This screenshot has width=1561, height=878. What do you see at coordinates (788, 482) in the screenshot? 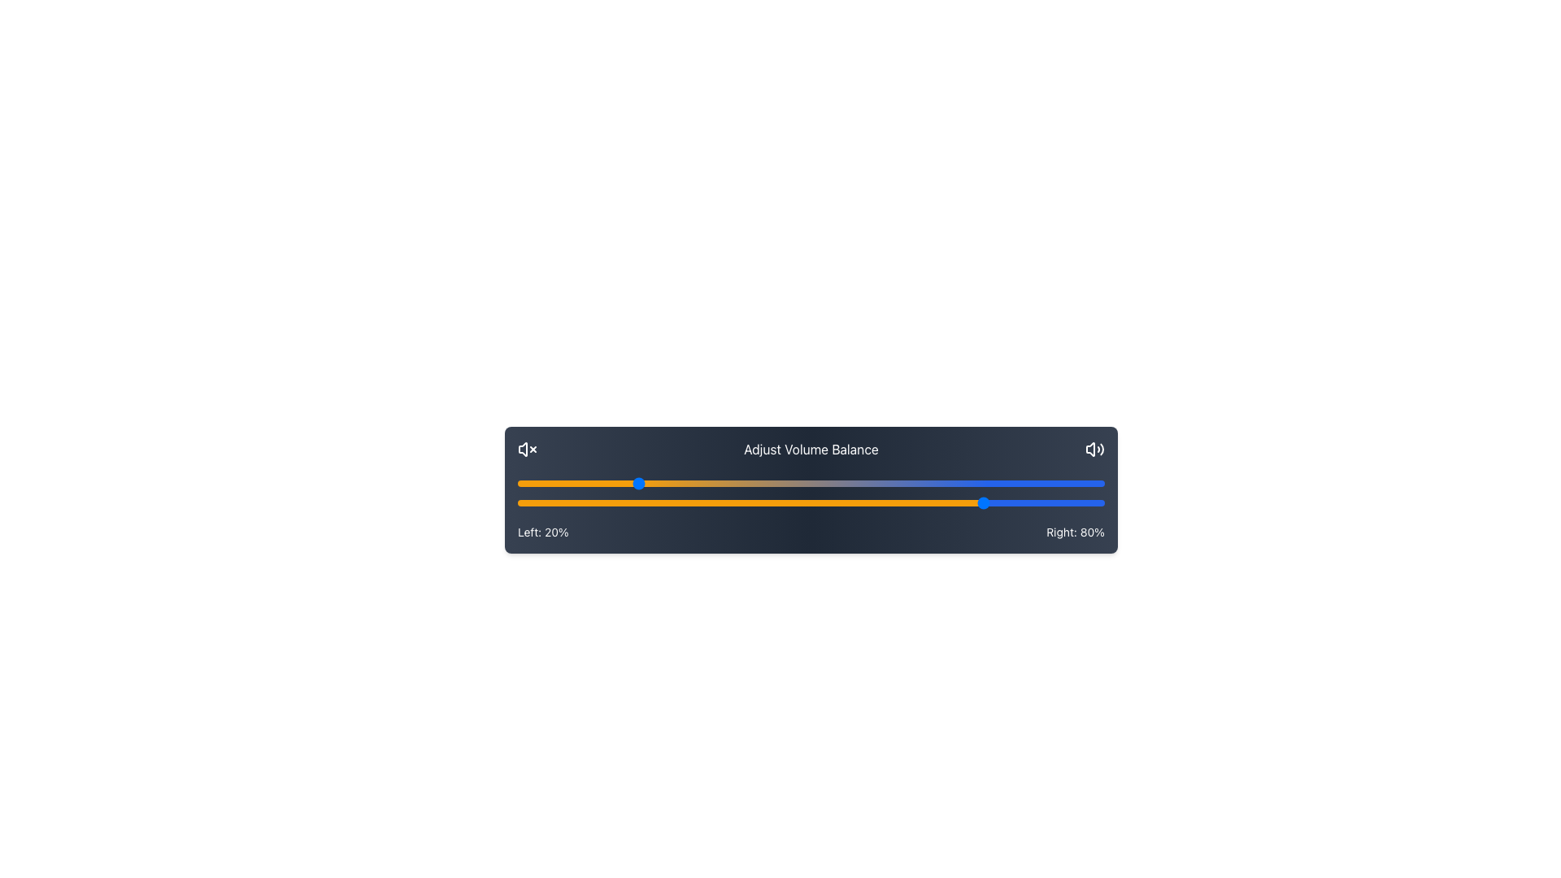
I see `the left balance` at bounding box center [788, 482].